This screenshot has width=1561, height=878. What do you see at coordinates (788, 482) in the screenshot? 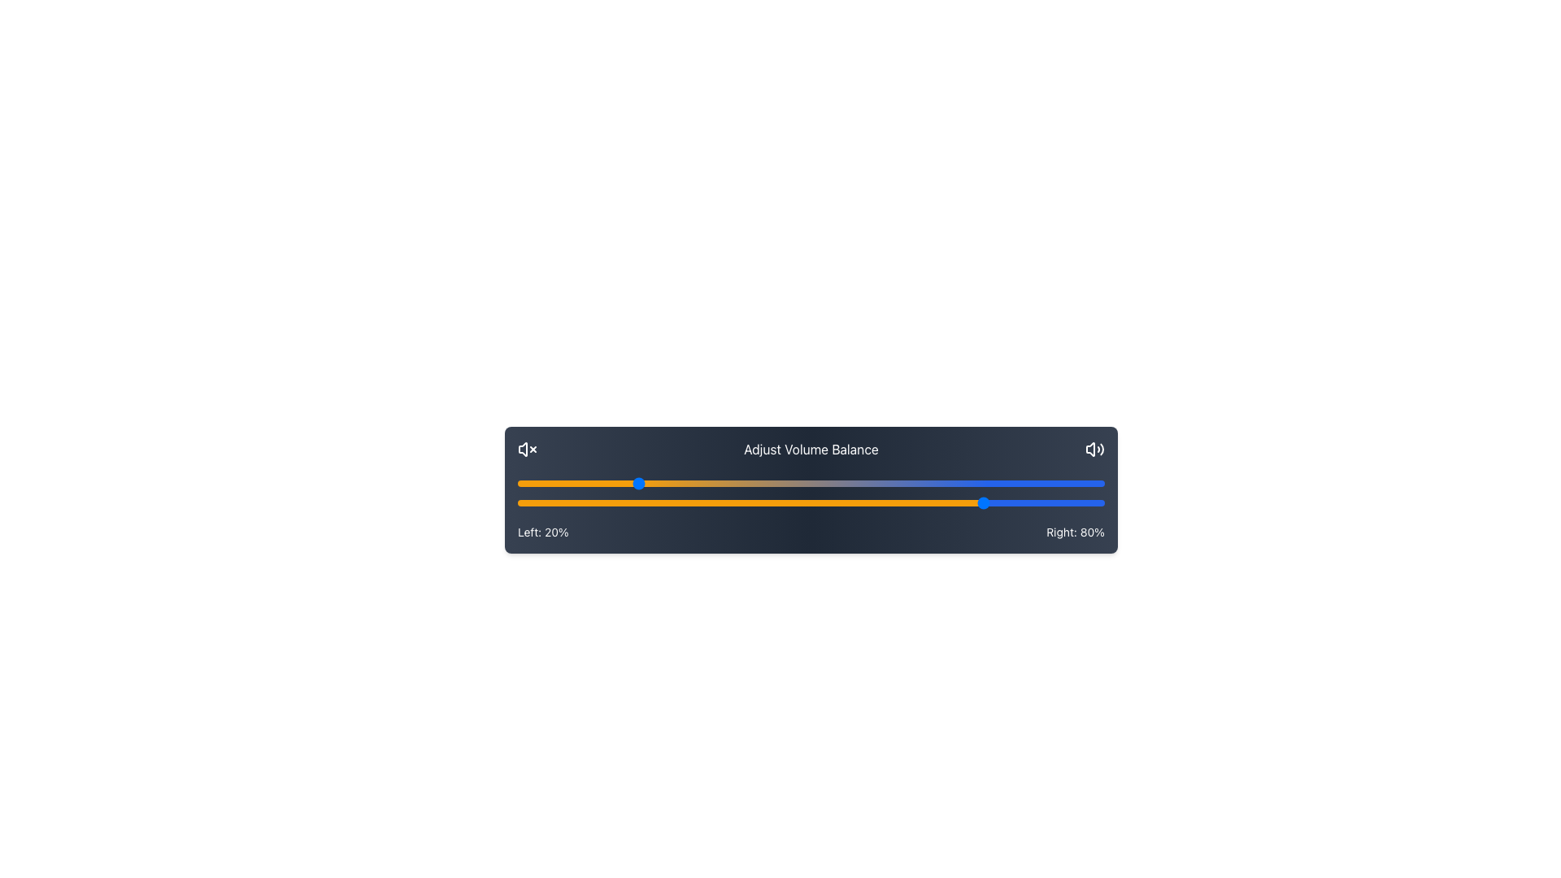
I see `the left balance` at bounding box center [788, 482].